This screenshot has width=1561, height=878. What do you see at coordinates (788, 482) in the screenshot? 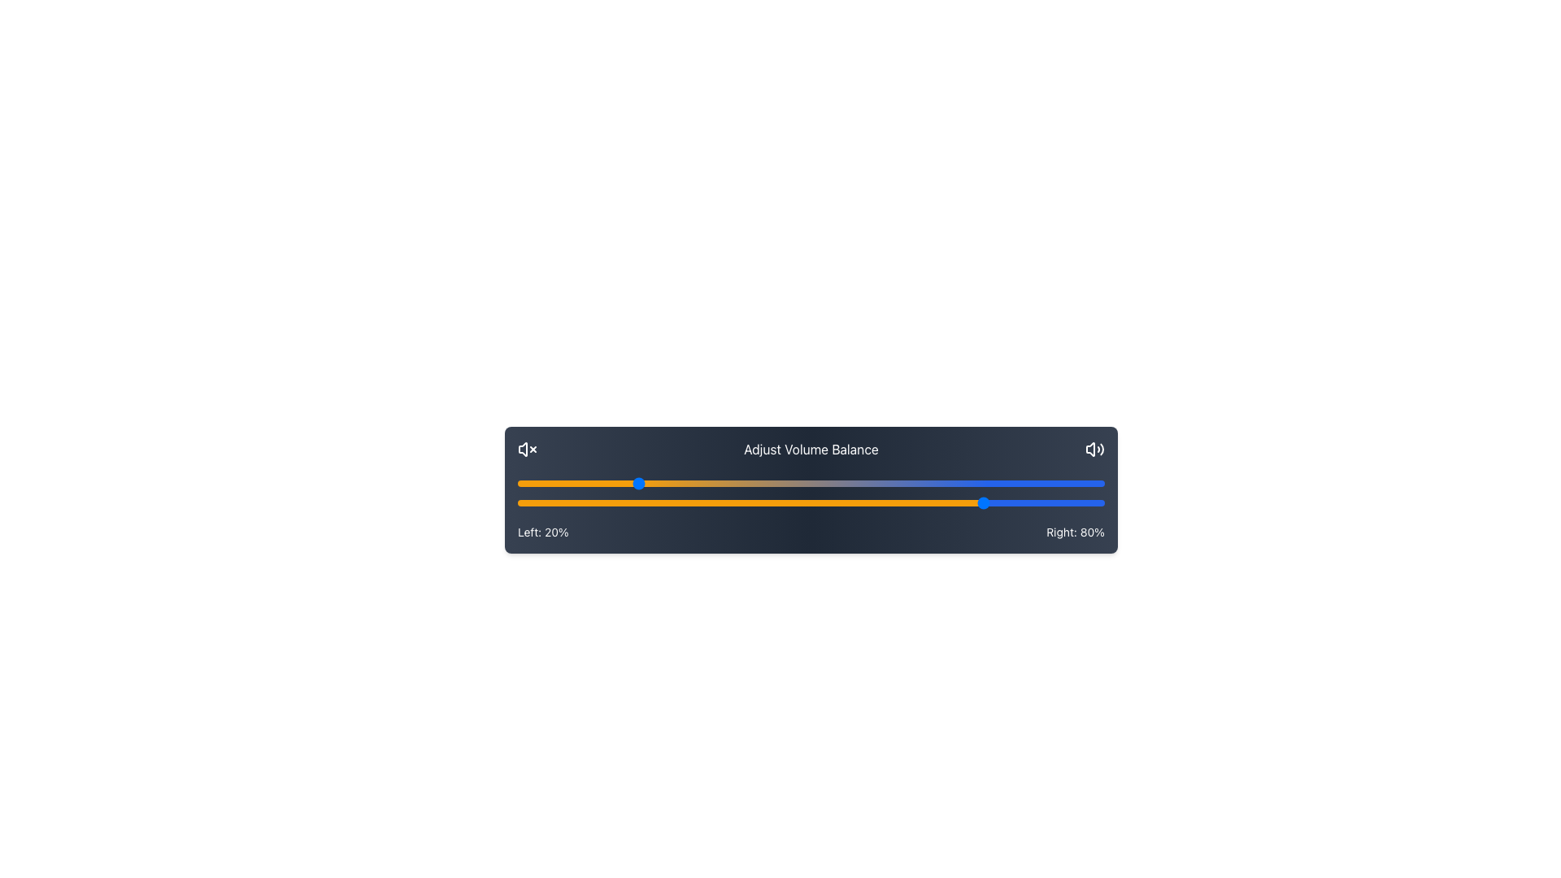
I see `the left balance` at bounding box center [788, 482].